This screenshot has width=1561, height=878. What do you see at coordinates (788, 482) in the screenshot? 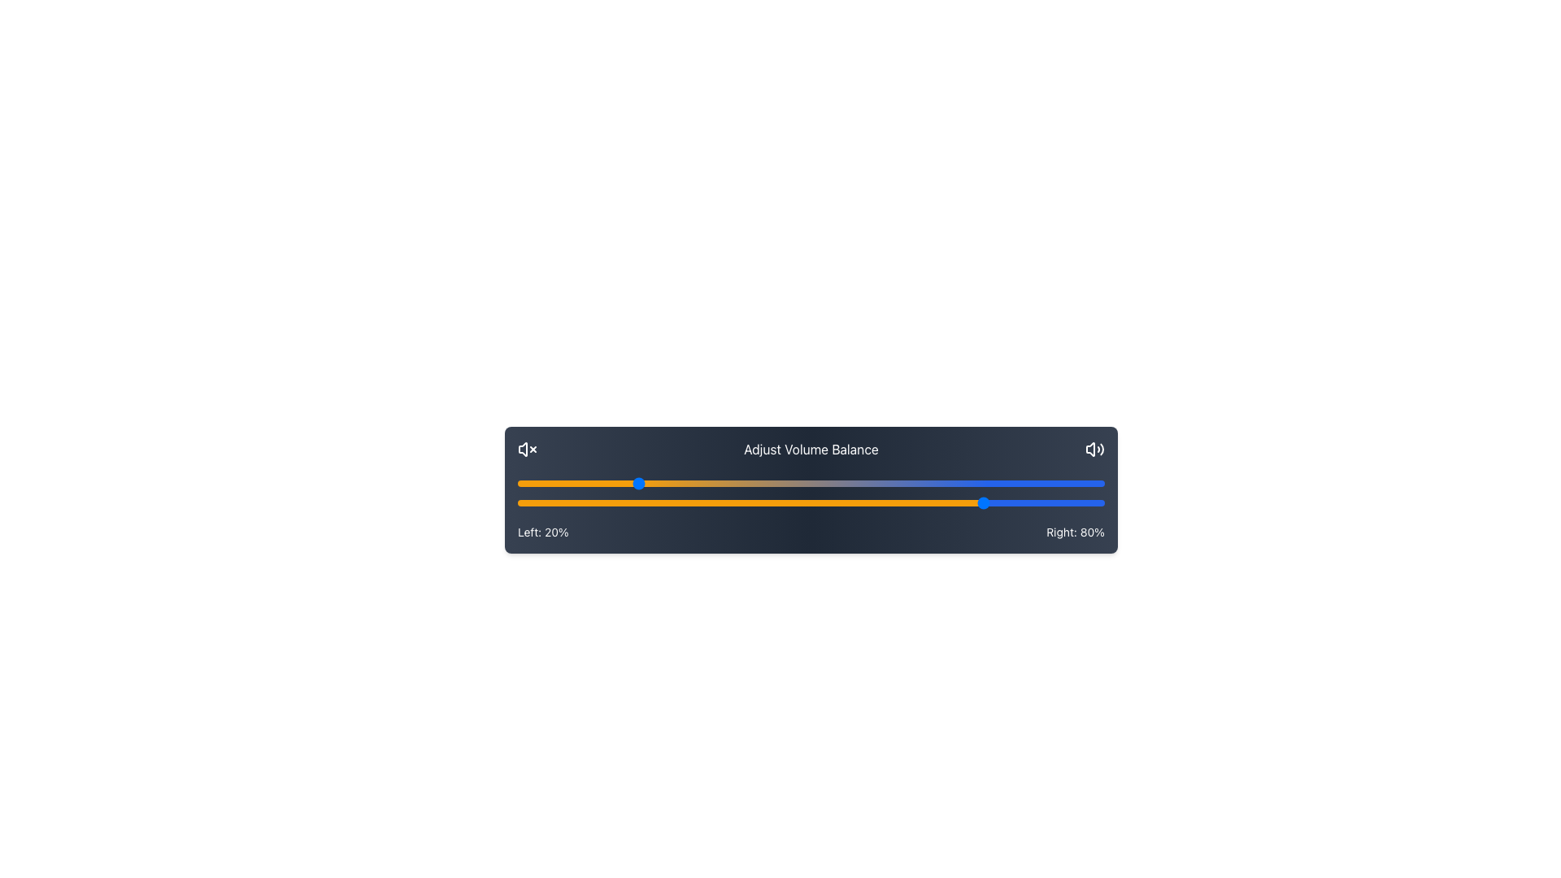
I see `the left balance` at bounding box center [788, 482].